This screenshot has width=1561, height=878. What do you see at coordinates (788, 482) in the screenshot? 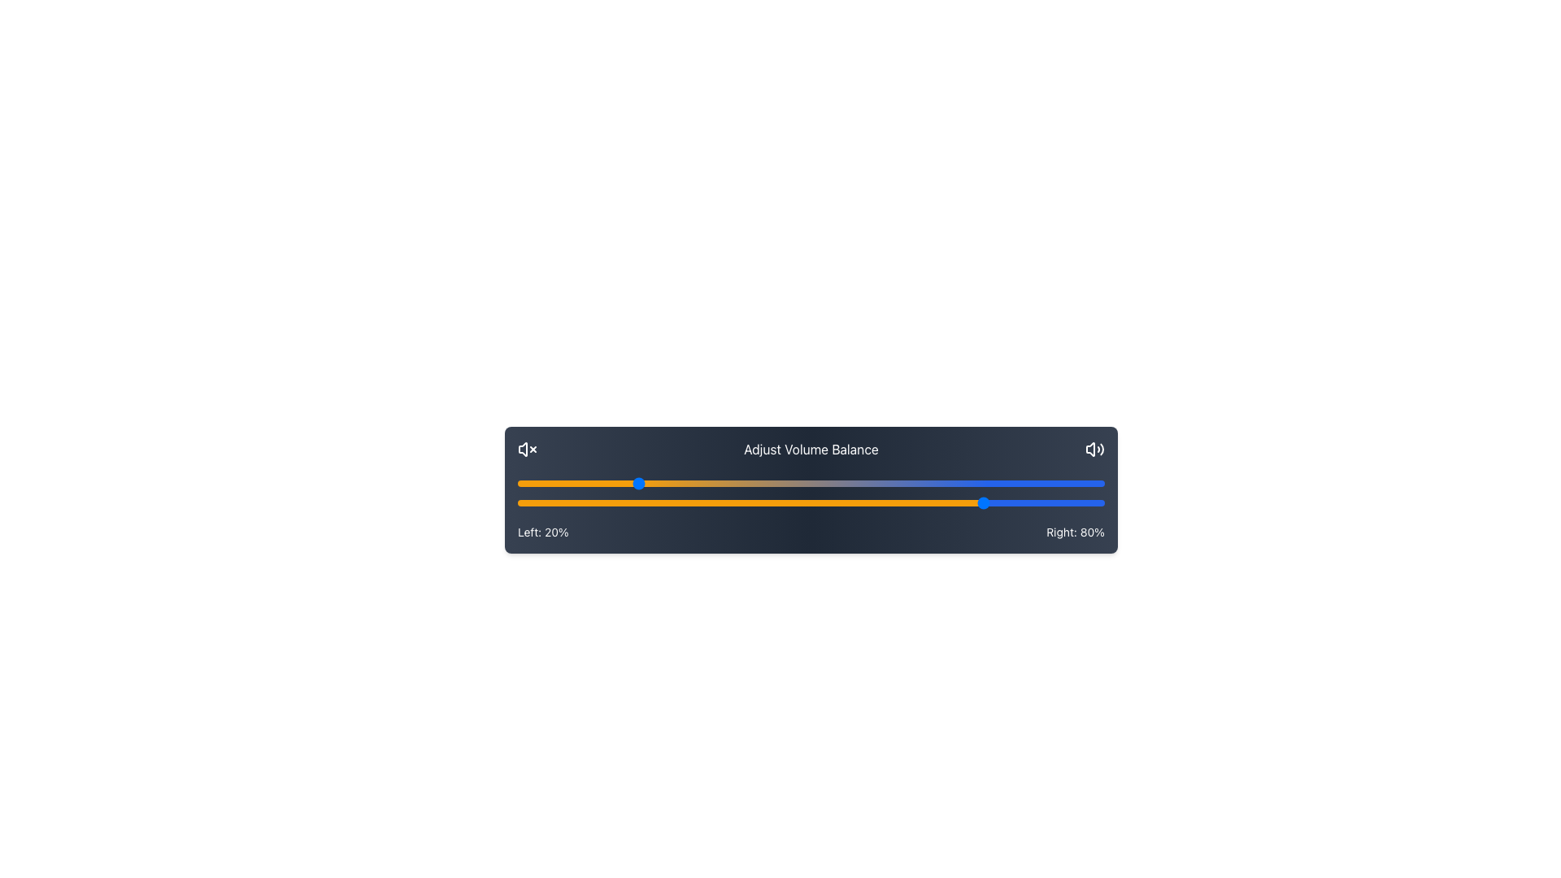
I see `the left balance` at bounding box center [788, 482].